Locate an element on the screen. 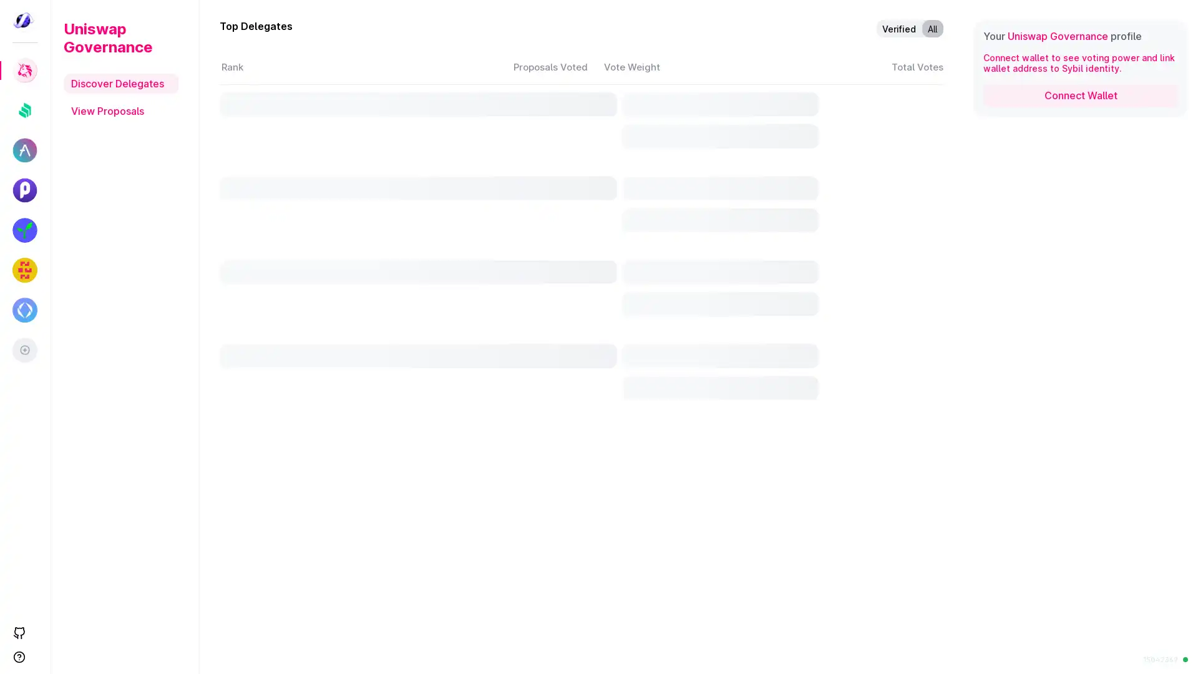 Image resolution: width=1198 pixels, height=674 pixels. Delegate is located at coordinates (827, 618).